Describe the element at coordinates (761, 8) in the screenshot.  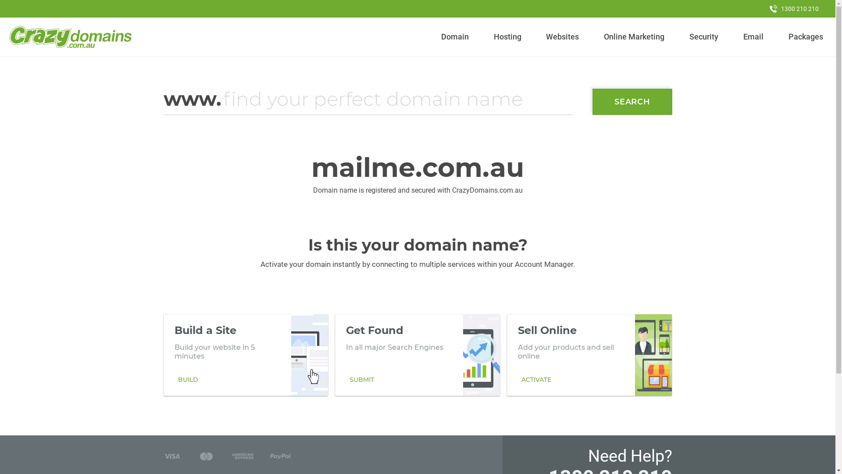
I see `'1300 210 210'` at that location.